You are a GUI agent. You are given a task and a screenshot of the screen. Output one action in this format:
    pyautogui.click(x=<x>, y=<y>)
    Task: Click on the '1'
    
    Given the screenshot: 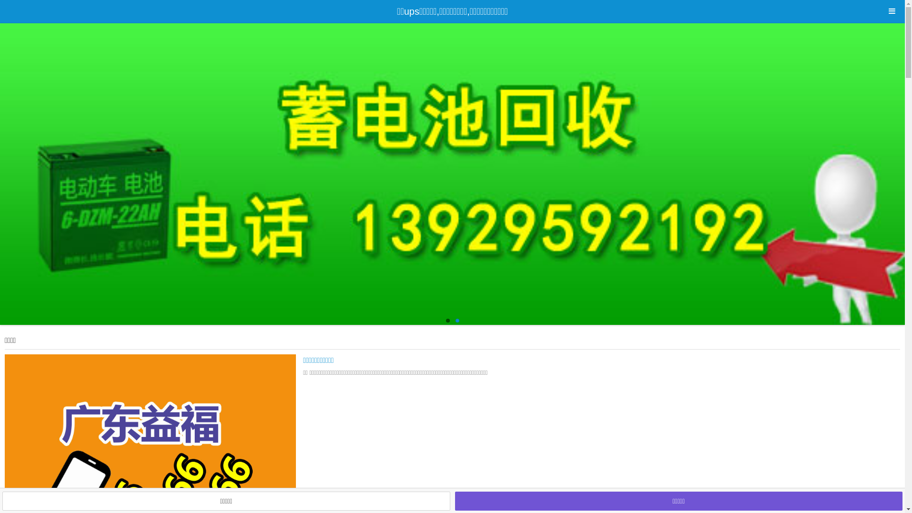 What is the action you would take?
    pyautogui.click(x=446, y=321)
    